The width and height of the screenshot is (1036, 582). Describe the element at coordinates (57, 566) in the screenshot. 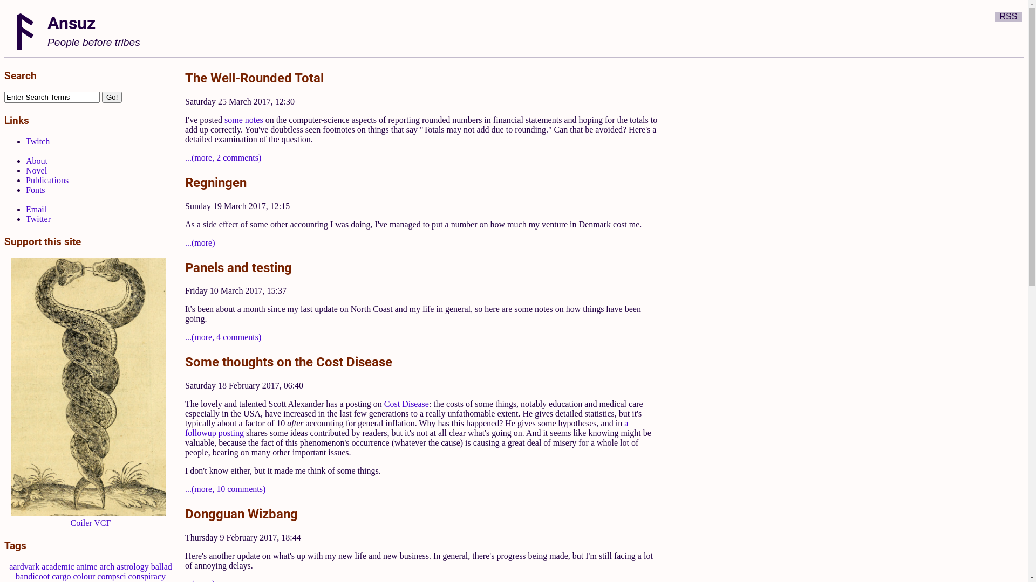

I see `'academic'` at that location.